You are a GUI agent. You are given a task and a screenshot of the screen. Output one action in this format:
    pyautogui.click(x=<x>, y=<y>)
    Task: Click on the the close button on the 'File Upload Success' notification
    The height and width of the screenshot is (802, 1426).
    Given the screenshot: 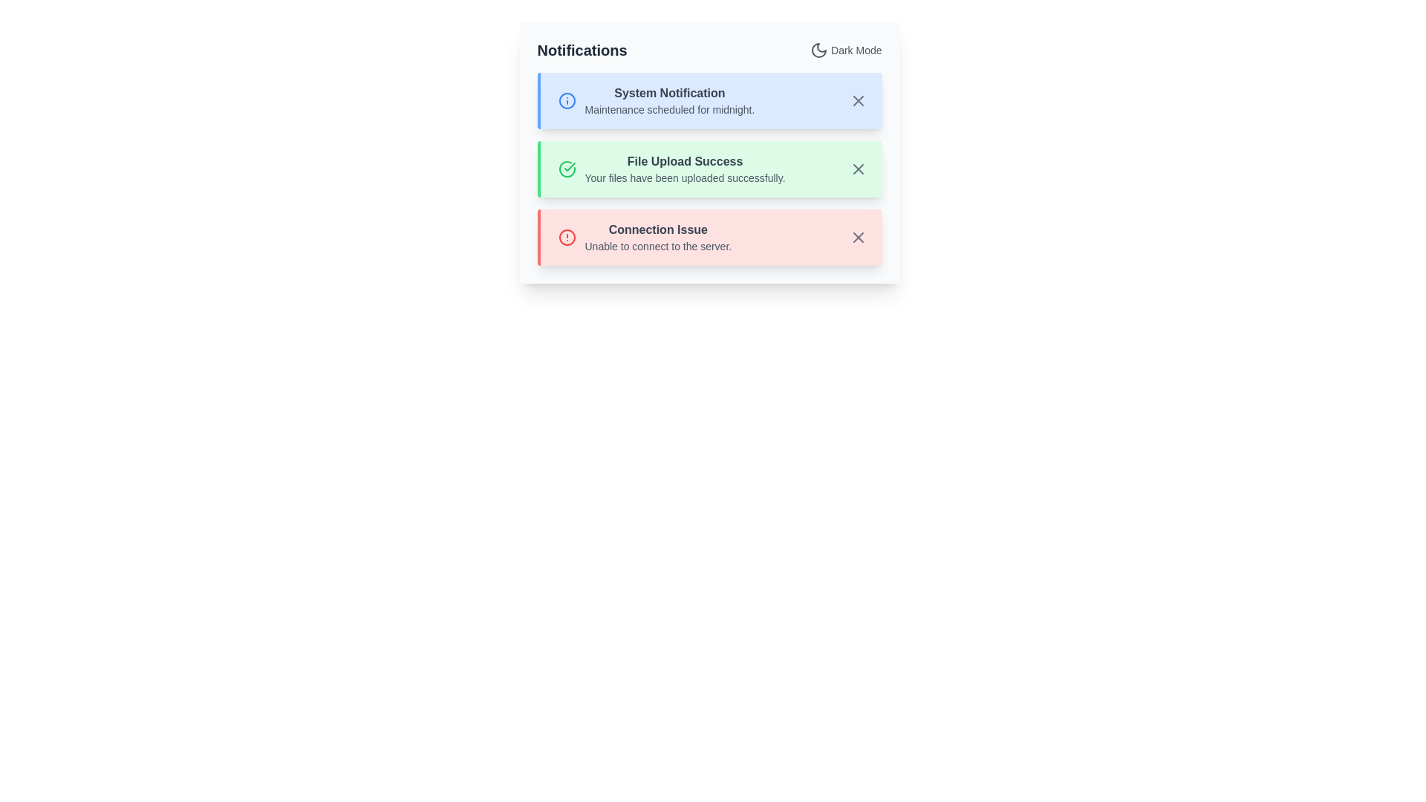 What is the action you would take?
    pyautogui.click(x=858, y=168)
    